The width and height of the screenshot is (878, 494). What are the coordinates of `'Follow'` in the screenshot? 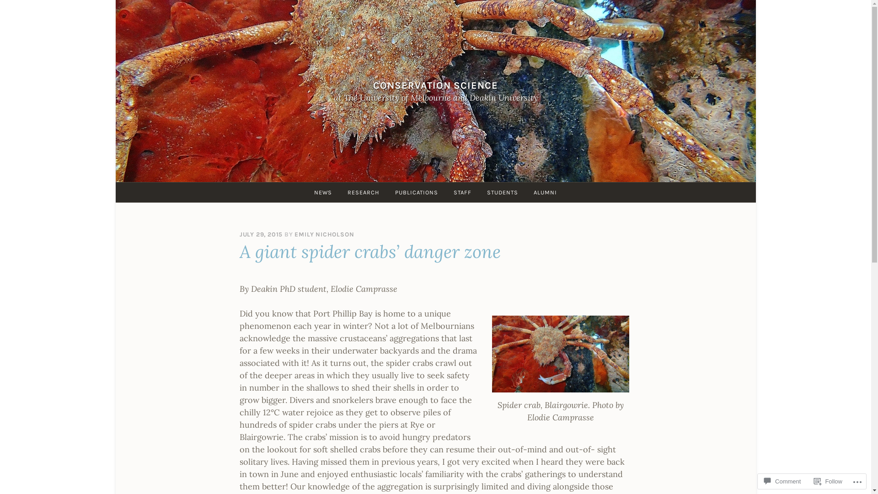 It's located at (828, 481).